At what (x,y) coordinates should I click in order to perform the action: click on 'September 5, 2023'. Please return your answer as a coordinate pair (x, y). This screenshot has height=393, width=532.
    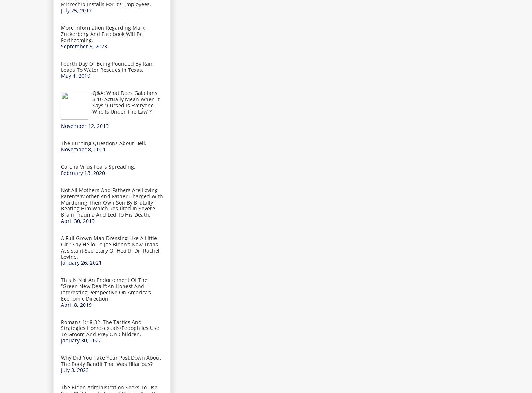
    Looking at the image, I should click on (83, 46).